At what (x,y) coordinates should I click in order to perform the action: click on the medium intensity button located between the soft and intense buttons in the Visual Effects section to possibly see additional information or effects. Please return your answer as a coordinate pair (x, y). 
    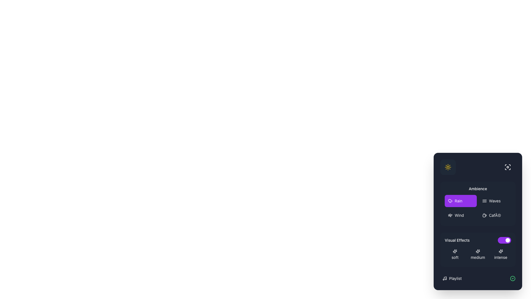
    Looking at the image, I should click on (478, 255).